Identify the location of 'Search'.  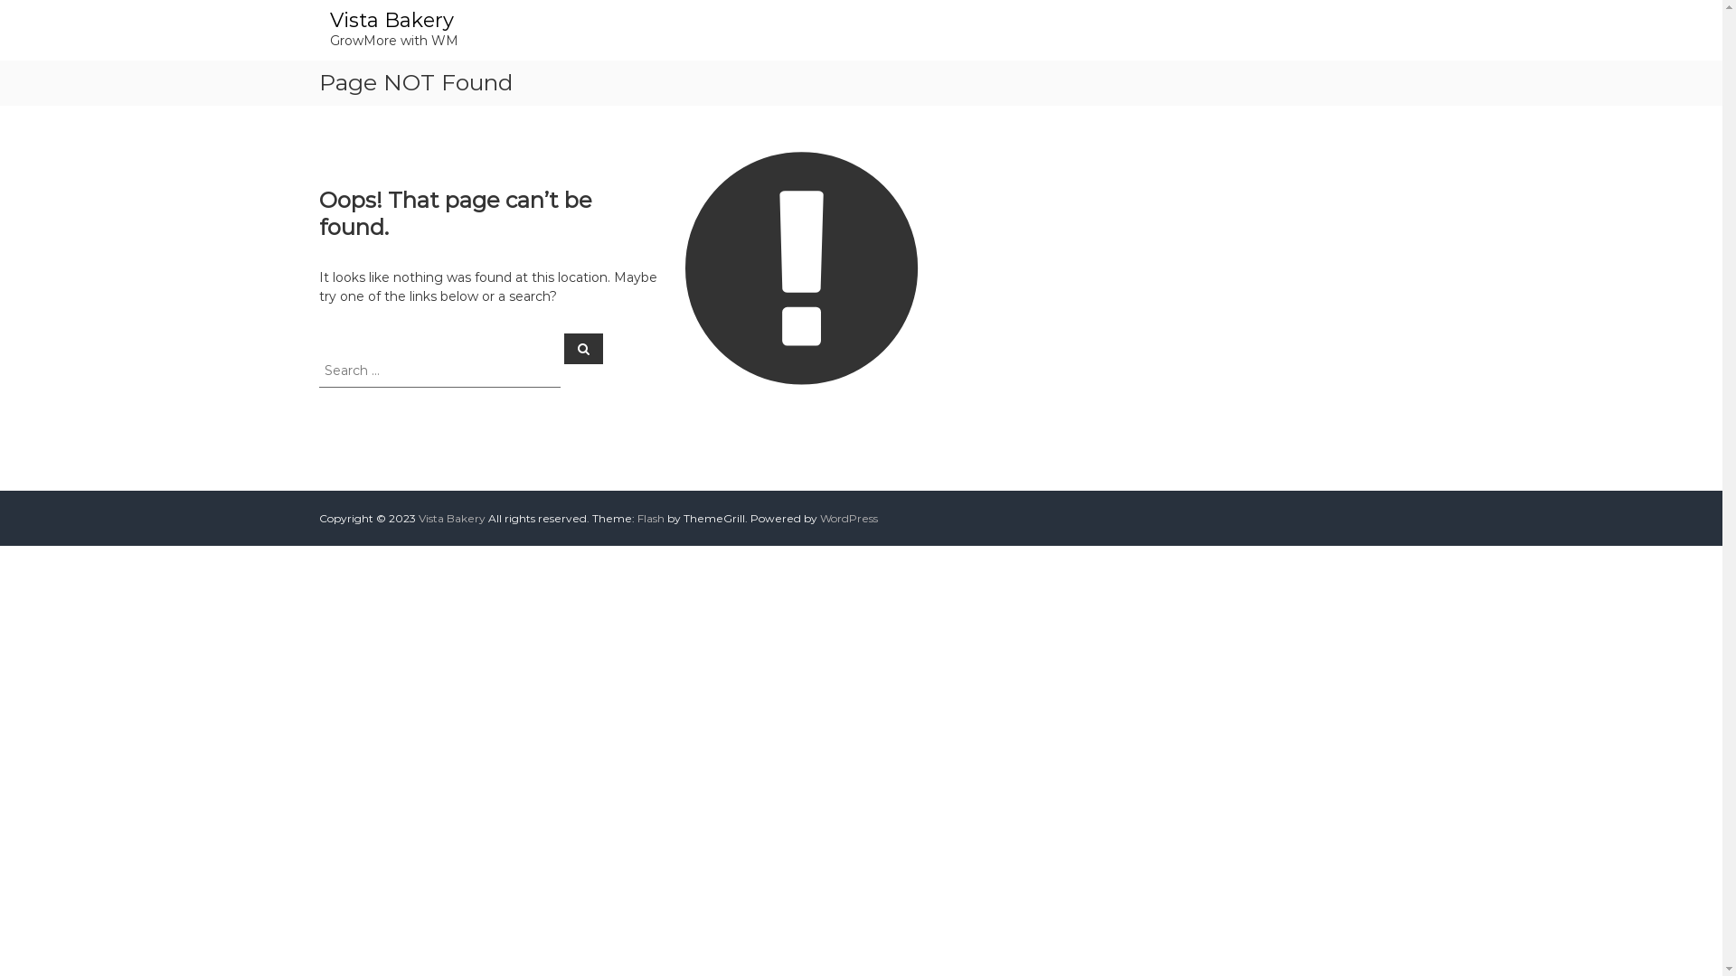
(583, 348).